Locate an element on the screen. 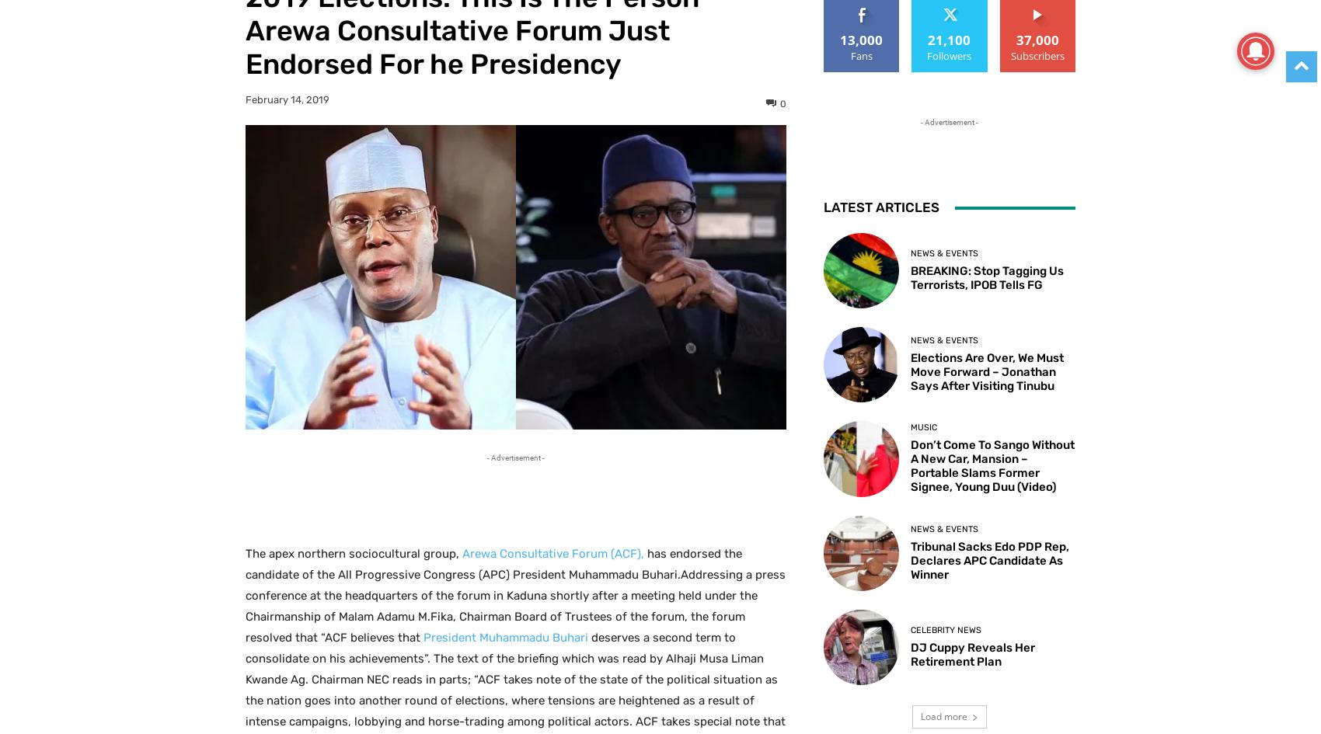 This screenshot has width=1321, height=734. 'Followers' is located at coordinates (948, 55).